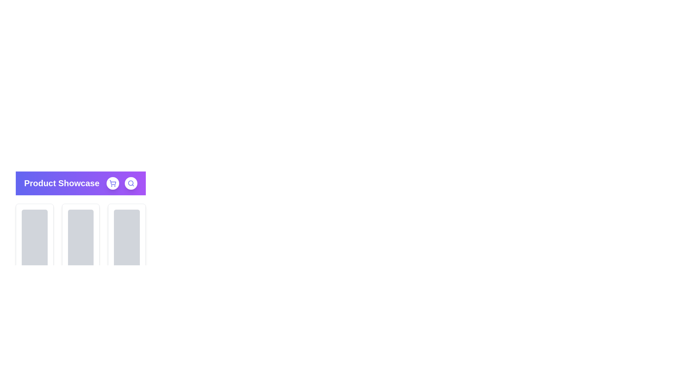 The height and width of the screenshot is (378, 673). I want to click on title text located in the Banner at the top of the product section, which serves as the primary header for the content below it, so click(81, 183).